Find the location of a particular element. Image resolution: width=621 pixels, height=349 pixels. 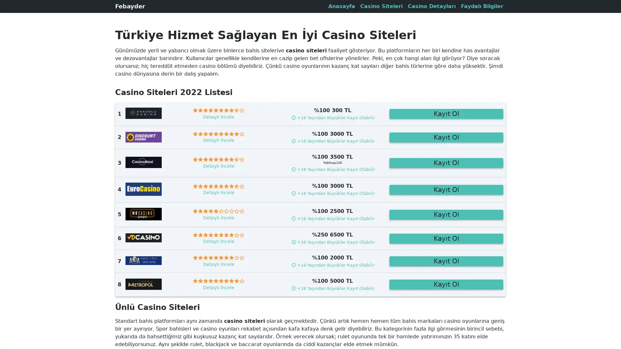

Load terms and conditions is located at coordinates (332, 242).